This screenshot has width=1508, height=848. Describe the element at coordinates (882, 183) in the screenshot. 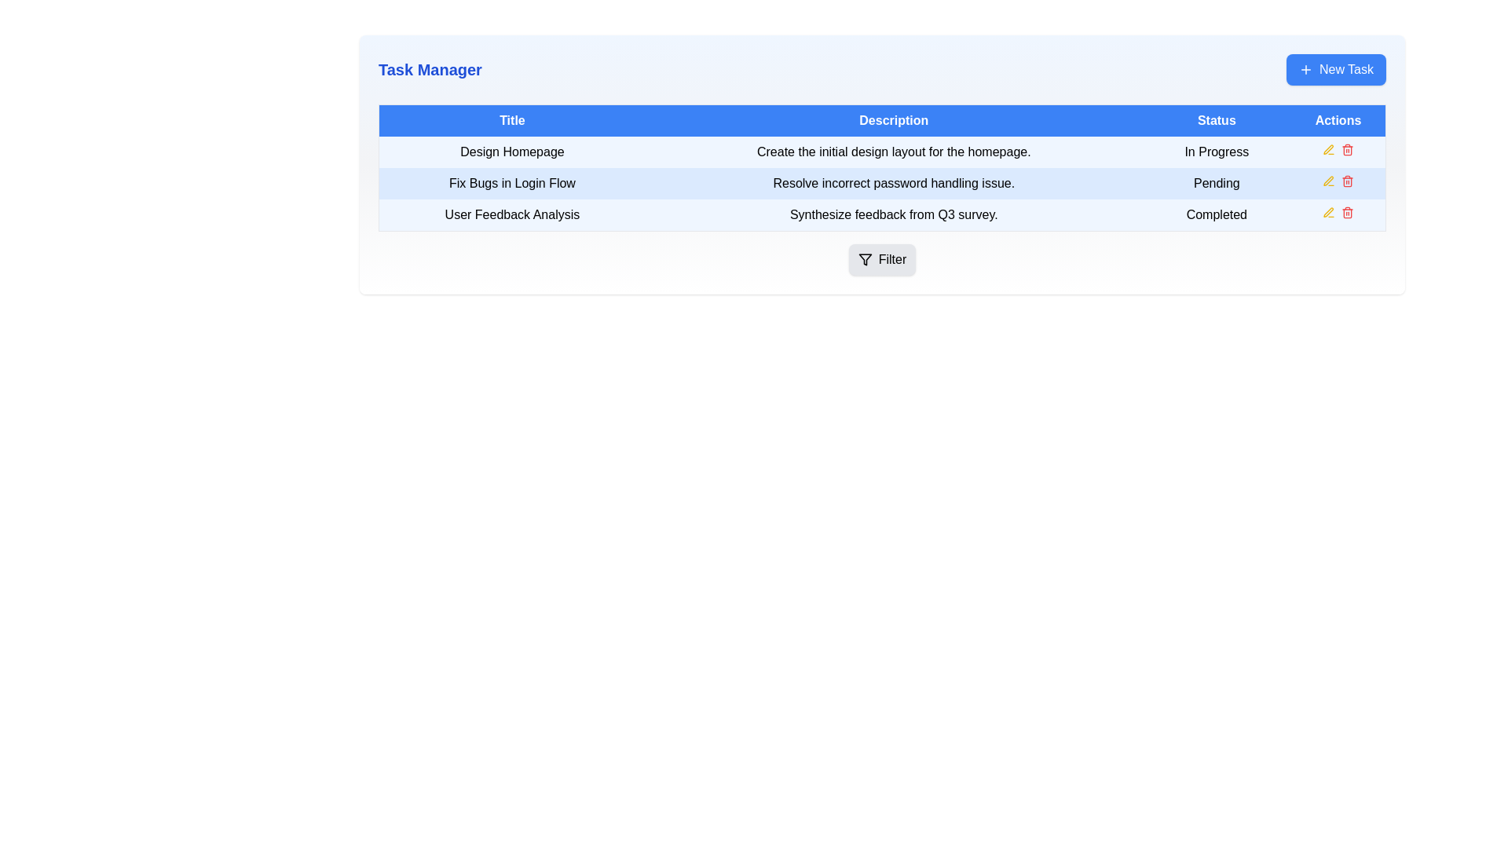

I see `the second row of the task management table which represents a specific task` at that location.